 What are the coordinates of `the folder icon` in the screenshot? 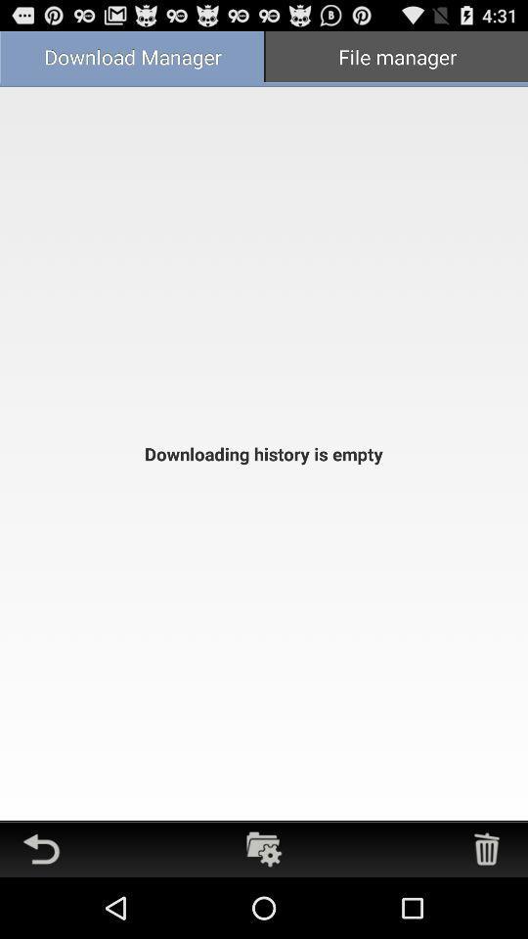 It's located at (264, 909).